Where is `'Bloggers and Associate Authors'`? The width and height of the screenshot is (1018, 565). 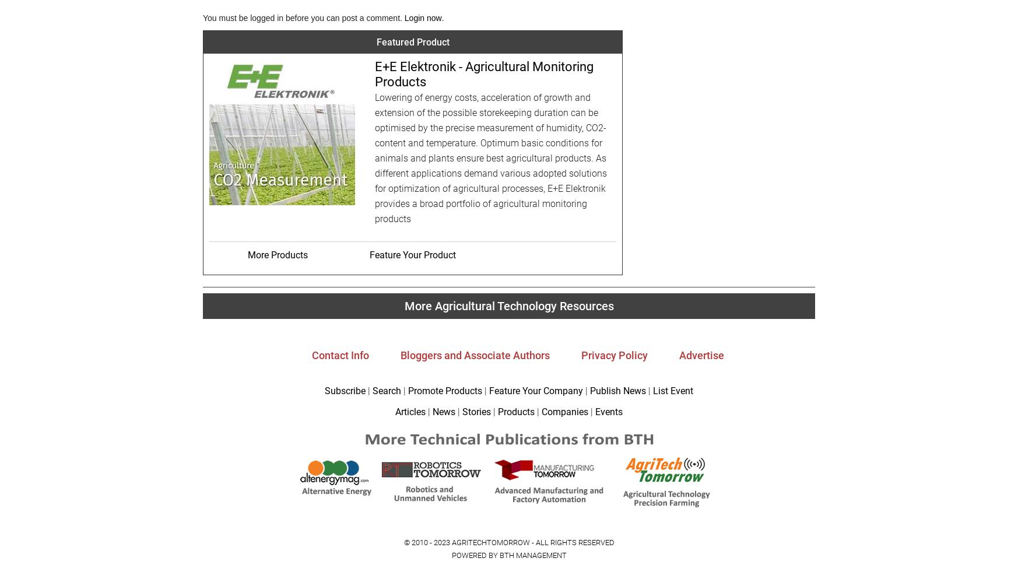
'Bloggers and Associate Authors' is located at coordinates (400, 354).